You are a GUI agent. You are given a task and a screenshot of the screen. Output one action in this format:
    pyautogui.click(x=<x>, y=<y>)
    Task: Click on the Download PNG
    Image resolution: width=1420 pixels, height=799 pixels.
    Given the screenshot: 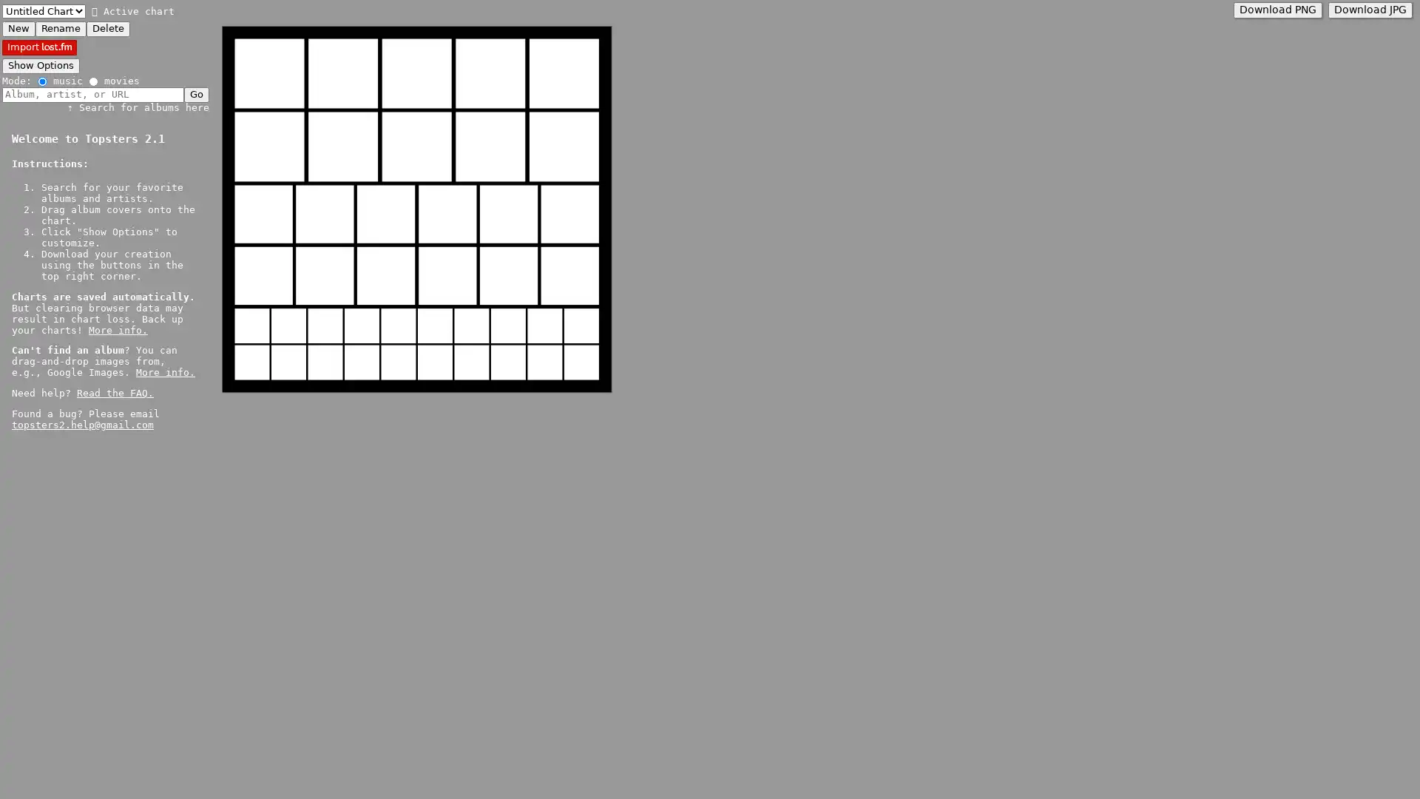 What is the action you would take?
    pyautogui.click(x=1277, y=10)
    